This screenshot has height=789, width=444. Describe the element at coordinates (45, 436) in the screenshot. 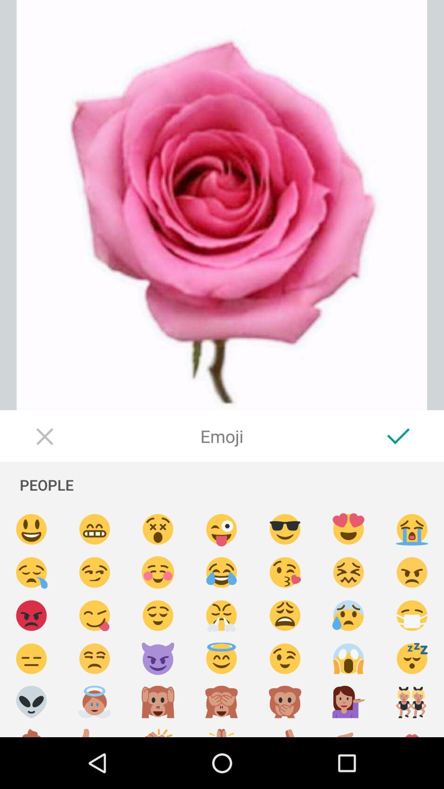

I see `the close icon` at that location.